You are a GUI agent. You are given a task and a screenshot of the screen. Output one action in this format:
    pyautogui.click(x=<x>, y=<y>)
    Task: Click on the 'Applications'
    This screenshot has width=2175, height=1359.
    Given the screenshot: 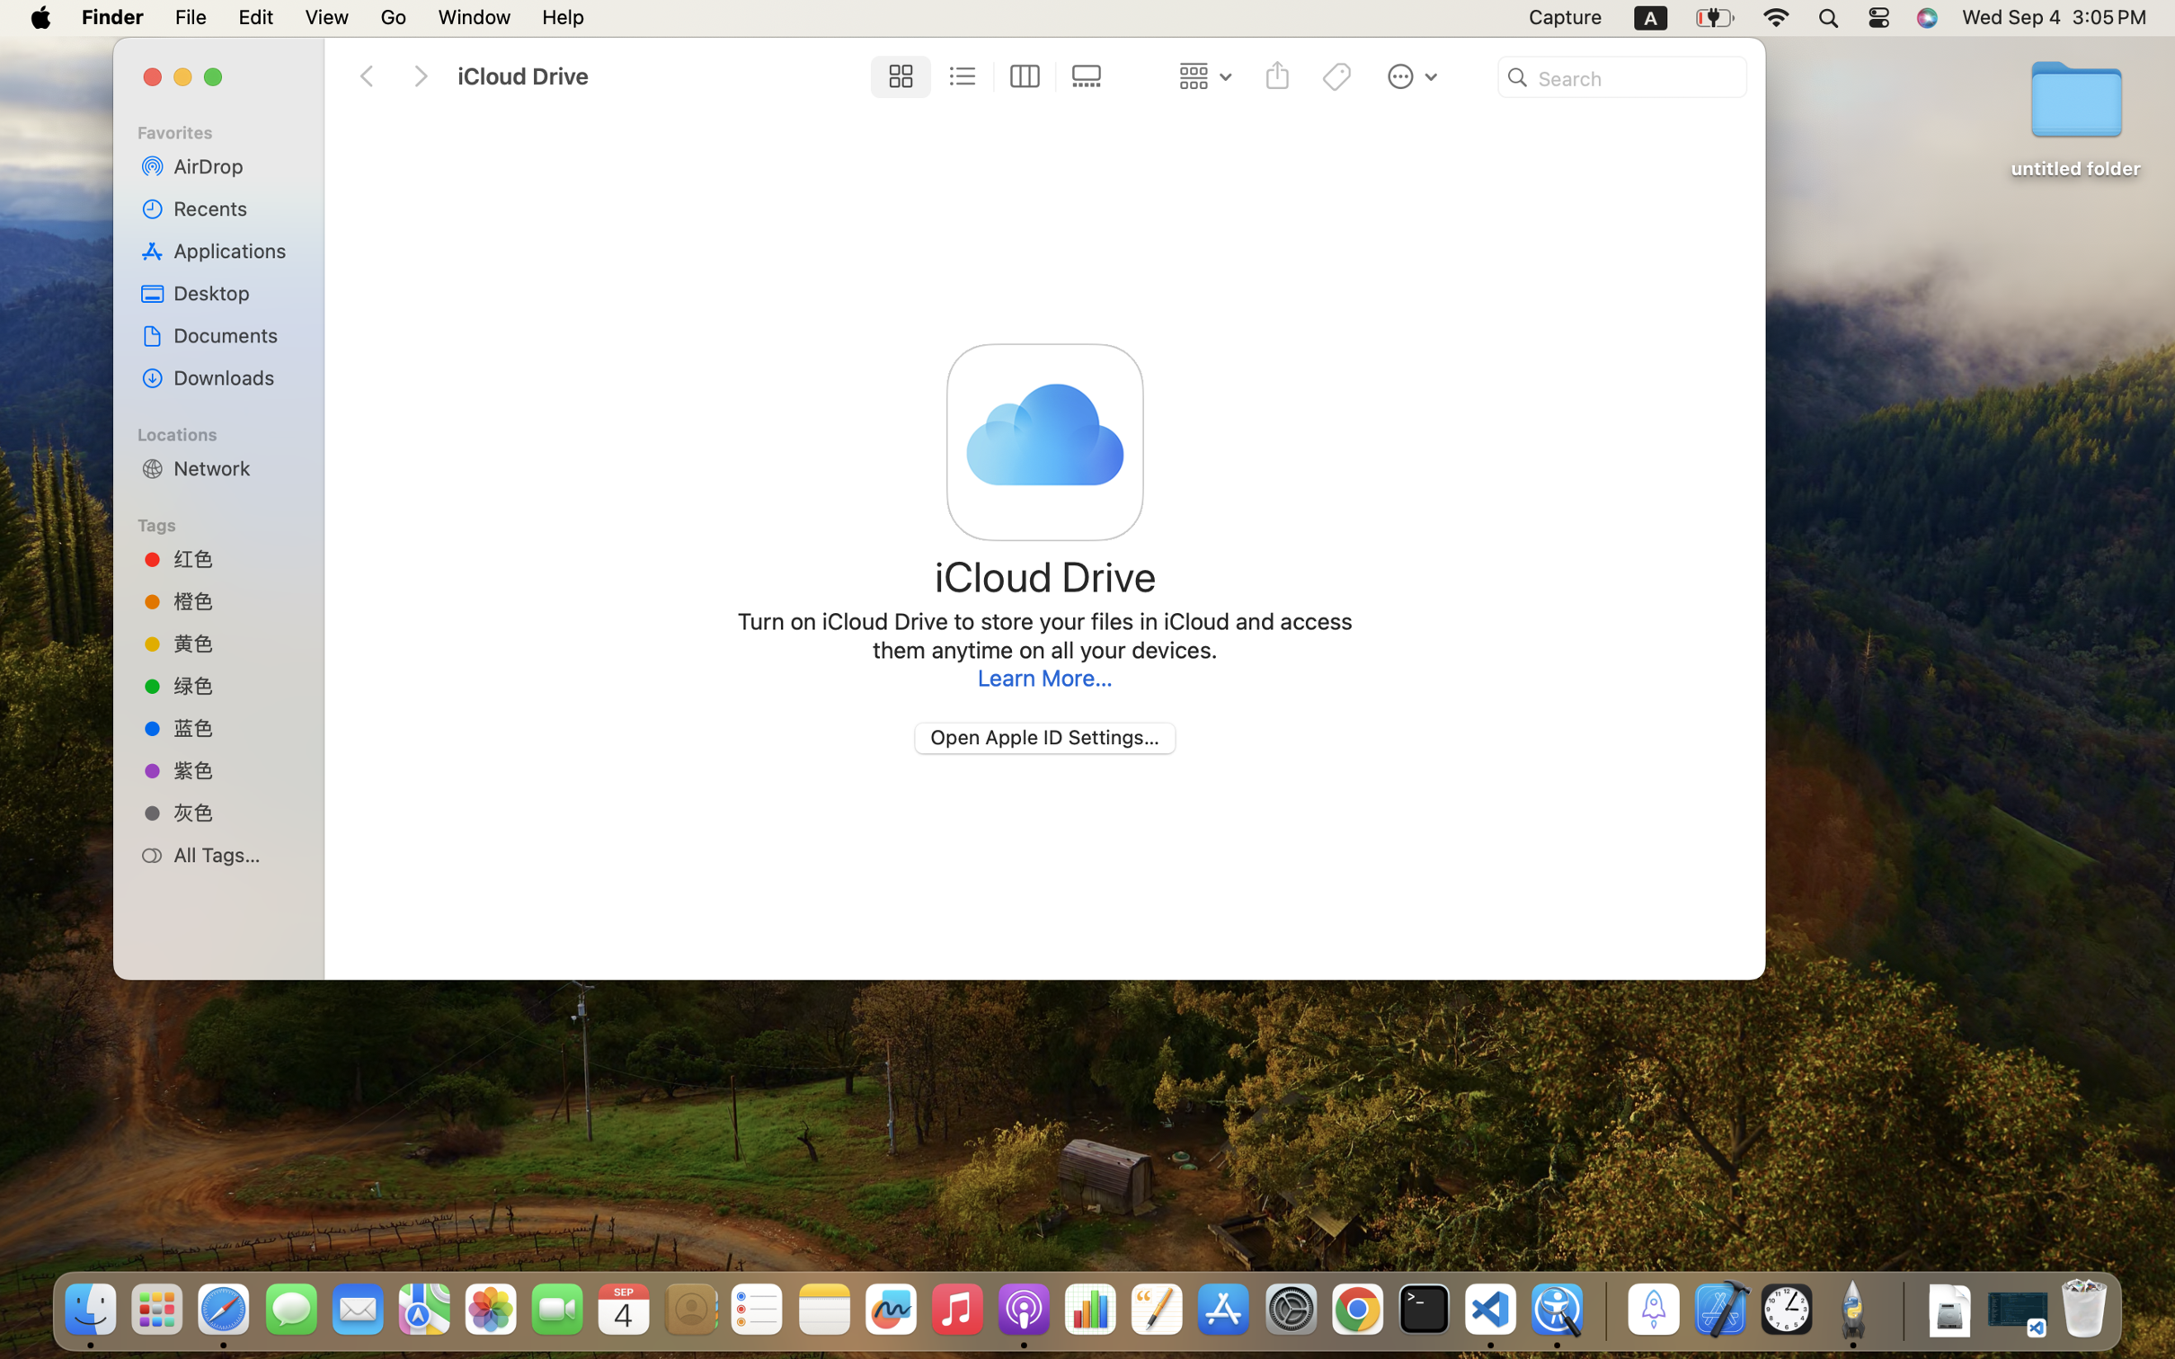 What is the action you would take?
    pyautogui.click(x=234, y=250)
    